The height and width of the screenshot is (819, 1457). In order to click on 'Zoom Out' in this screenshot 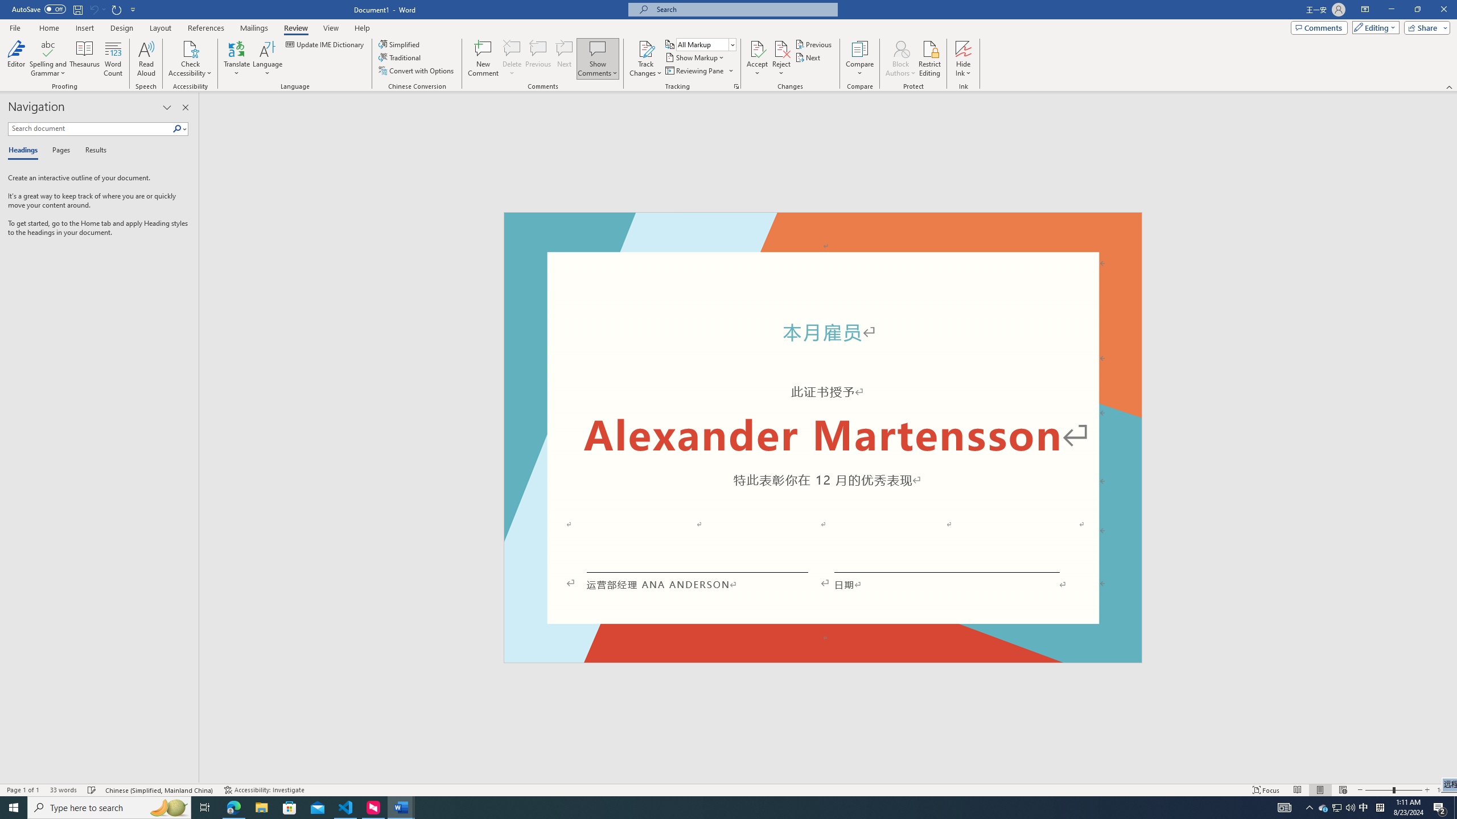, I will do `click(1378, 790)`.